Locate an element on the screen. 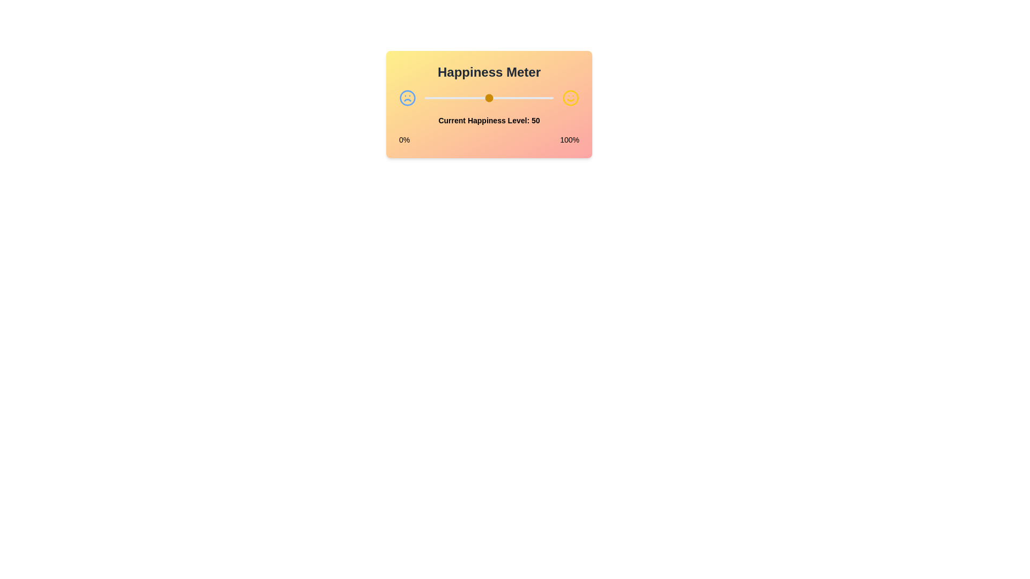  the happiness level to 72 by dragging the slider is located at coordinates (517, 98).